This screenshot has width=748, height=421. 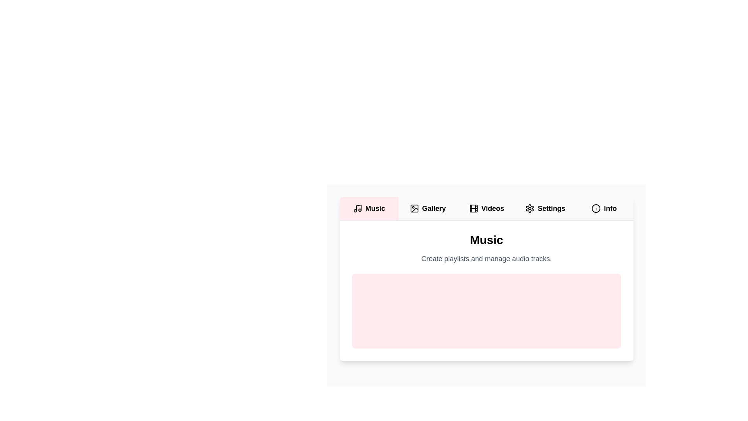 What do you see at coordinates (486, 208) in the screenshot?
I see `the Videos tab by clicking on its button` at bounding box center [486, 208].